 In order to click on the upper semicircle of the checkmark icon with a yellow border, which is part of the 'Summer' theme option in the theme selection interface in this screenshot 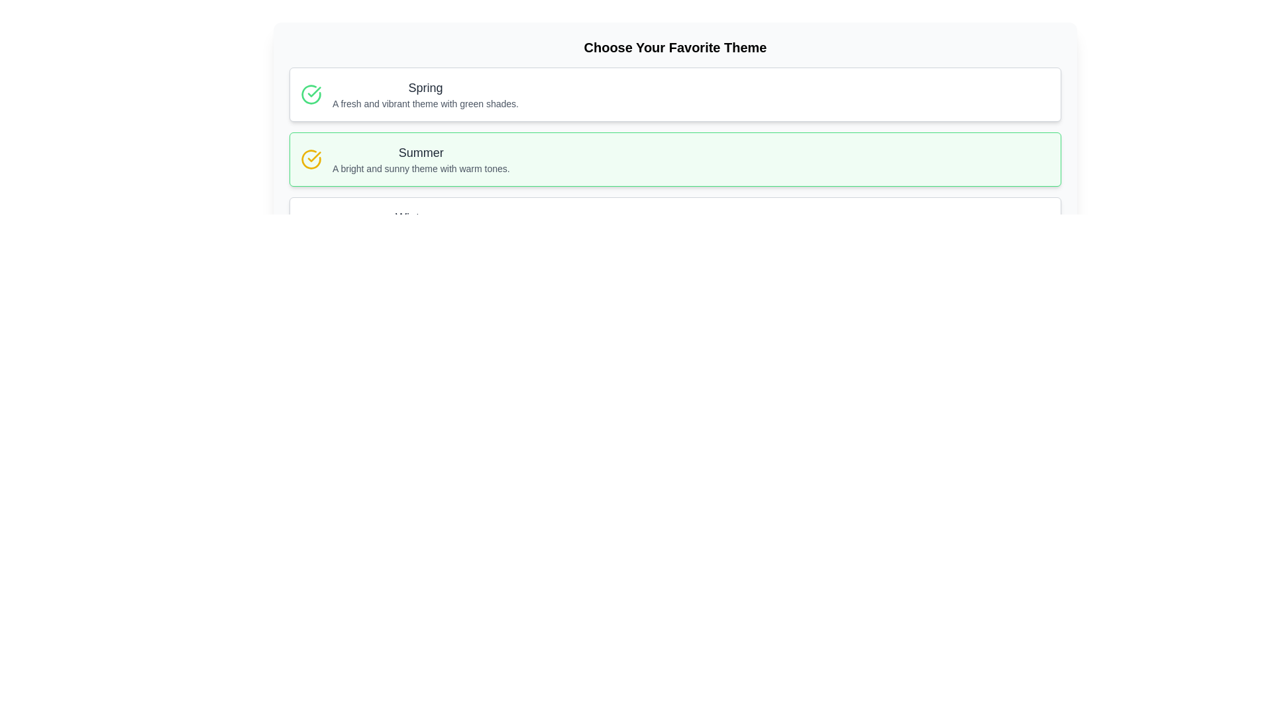, I will do `click(311, 158)`.